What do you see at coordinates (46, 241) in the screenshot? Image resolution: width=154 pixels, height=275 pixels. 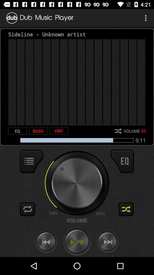 I see `this button song backward` at bounding box center [46, 241].